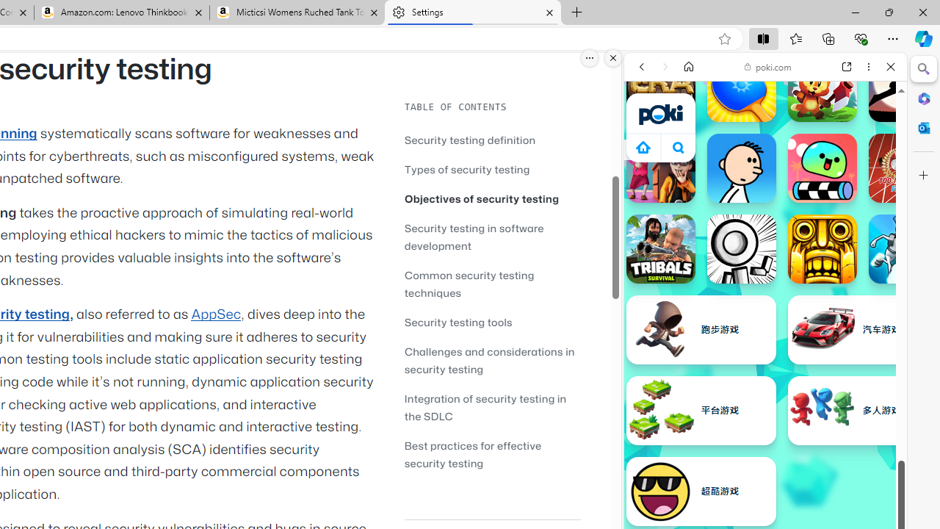 The image size is (940, 529). I want to click on 'Security testing tools', so click(458, 321).